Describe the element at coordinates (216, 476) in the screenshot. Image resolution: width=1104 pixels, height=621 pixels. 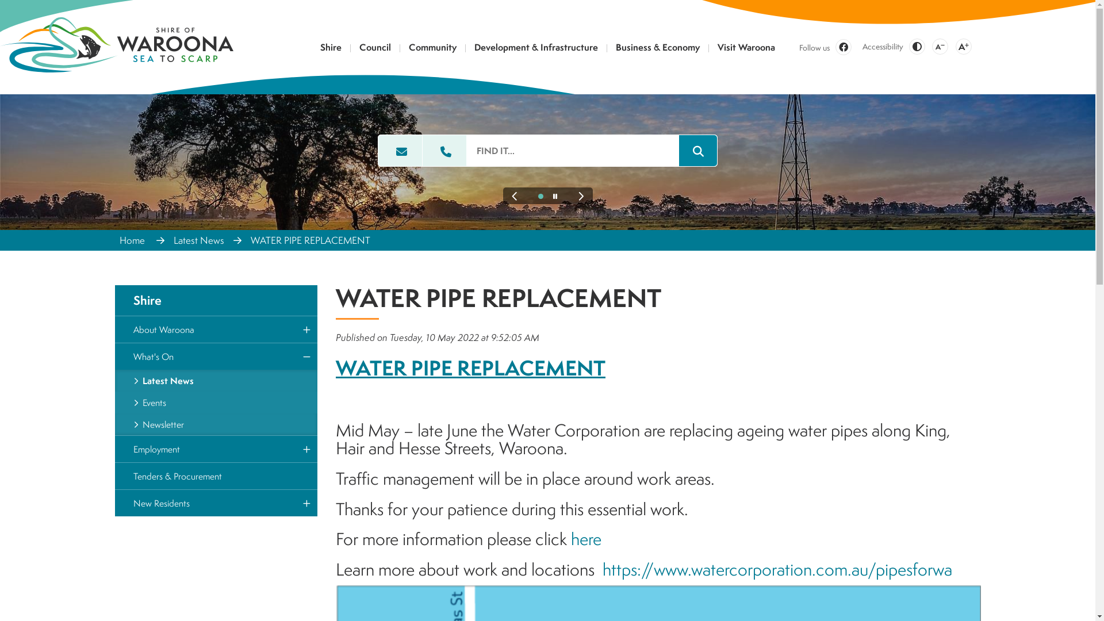
I see `'Tenders & Procurement'` at that location.